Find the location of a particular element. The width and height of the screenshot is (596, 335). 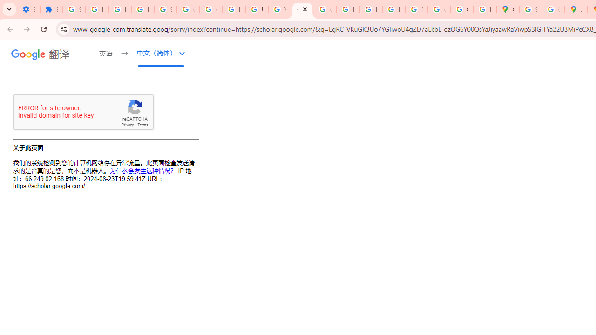

'Google Maps' is located at coordinates (507, 9).